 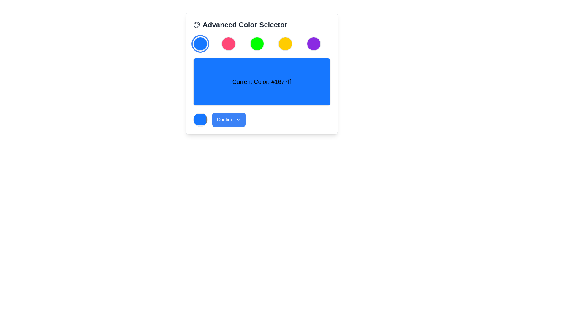 What do you see at coordinates (228, 43) in the screenshot?
I see `the second circular pink button in the 'Color Selector' section` at bounding box center [228, 43].